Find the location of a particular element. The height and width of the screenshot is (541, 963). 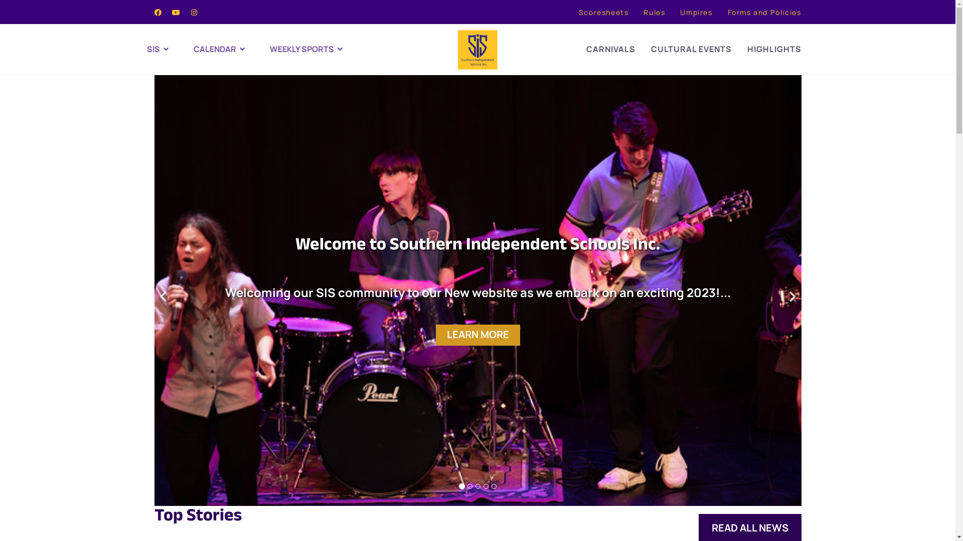

'CARNIVALS' is located at coordinates (610, 49).